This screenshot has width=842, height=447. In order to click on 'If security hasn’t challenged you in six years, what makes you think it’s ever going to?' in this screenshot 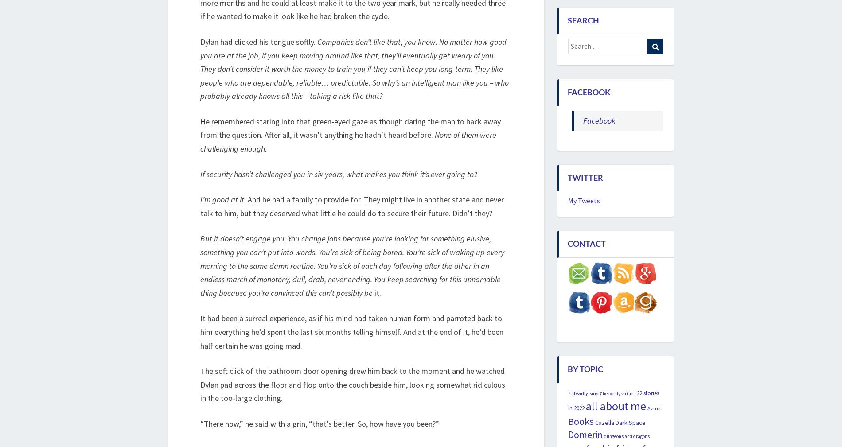, I will do `click(338, 173)`.